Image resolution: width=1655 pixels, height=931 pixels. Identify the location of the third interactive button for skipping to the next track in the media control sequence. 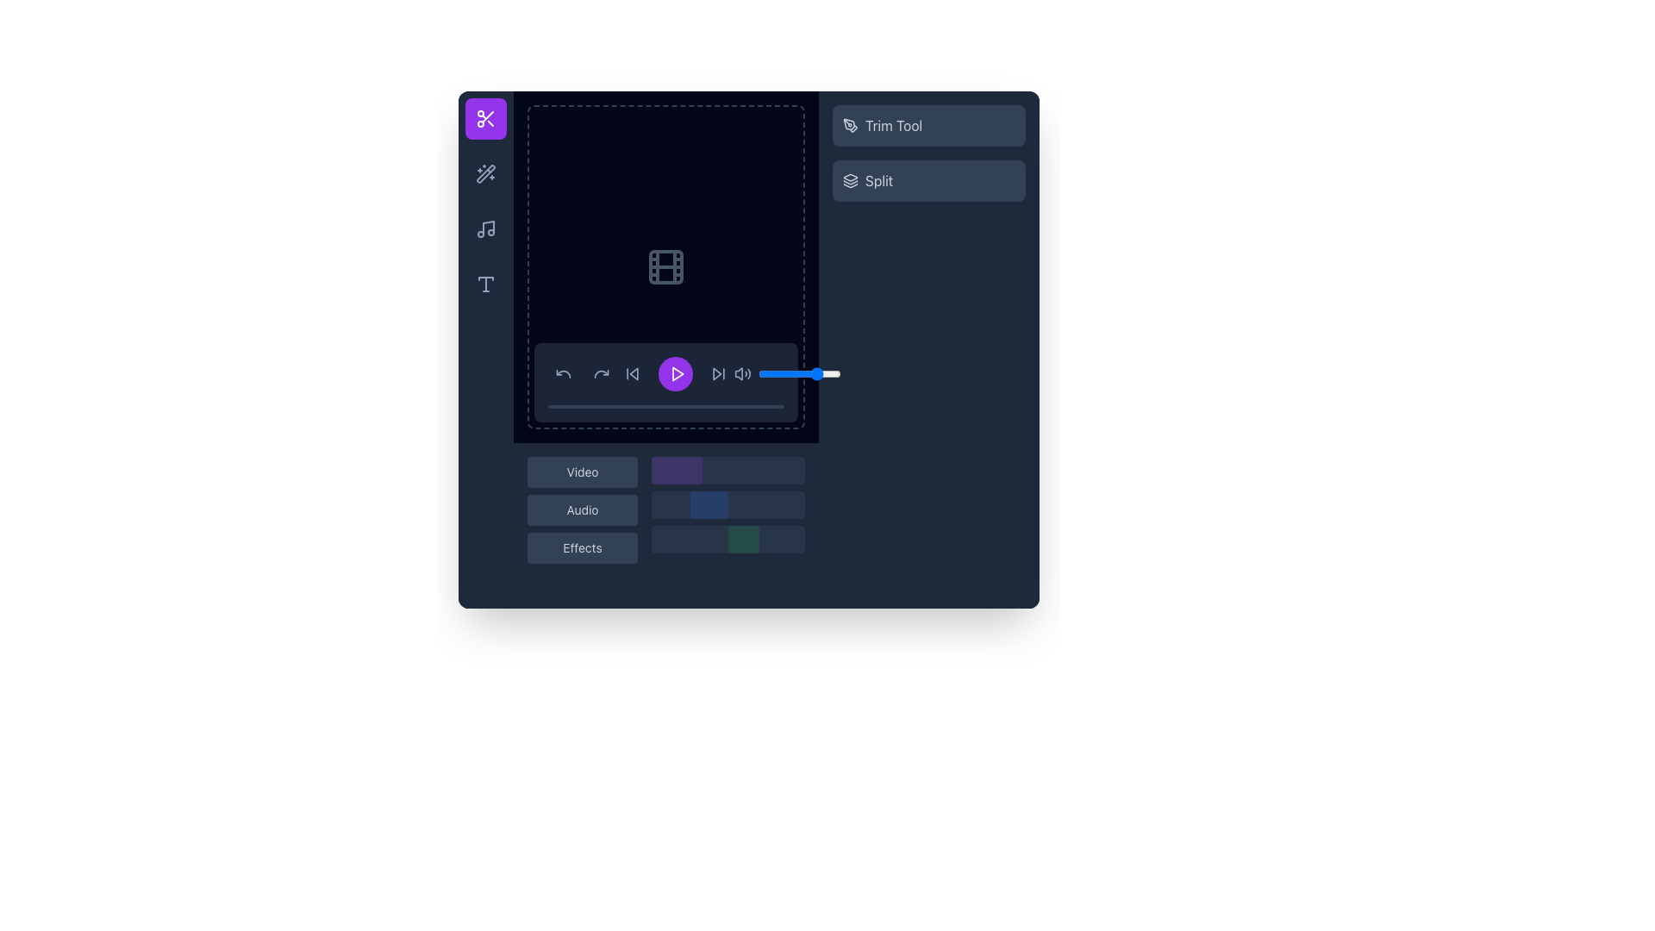
(719, 373).